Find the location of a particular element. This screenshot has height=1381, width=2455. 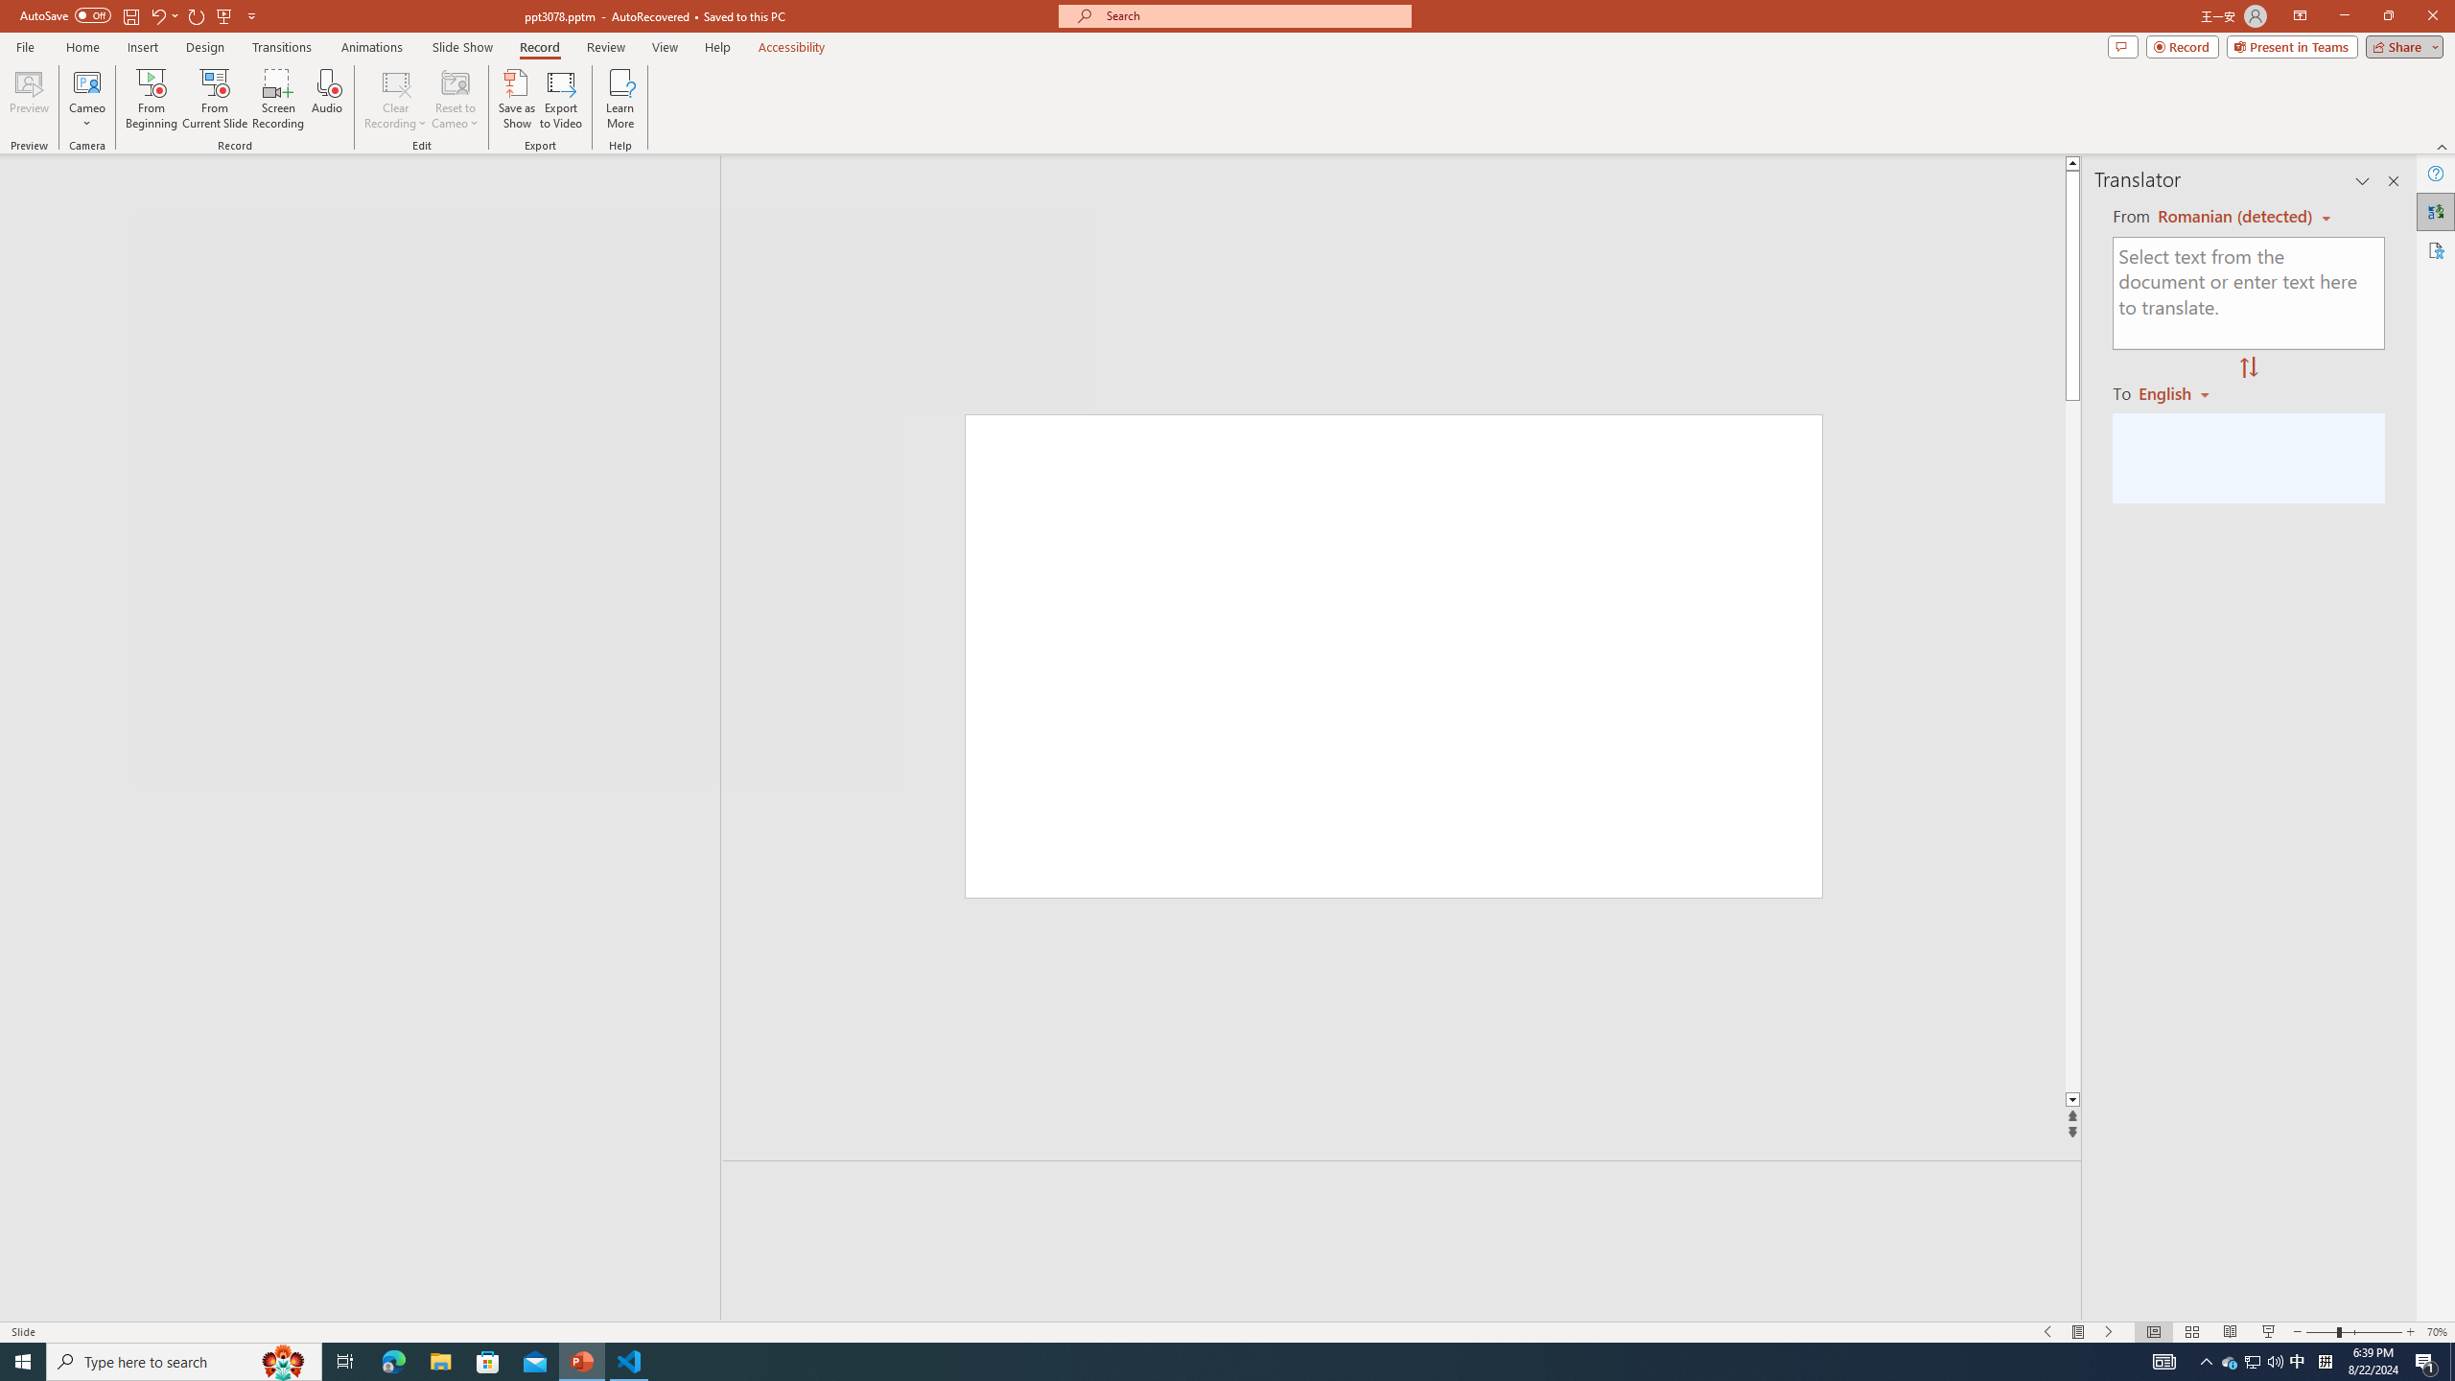

'From Beginning...' is located at coordinates (150, 99).